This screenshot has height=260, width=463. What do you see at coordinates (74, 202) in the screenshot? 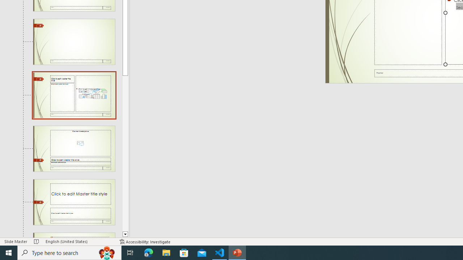
I see `'Slide Title and Caption Layout: used by no slides'` at bounding box center [74, 202].